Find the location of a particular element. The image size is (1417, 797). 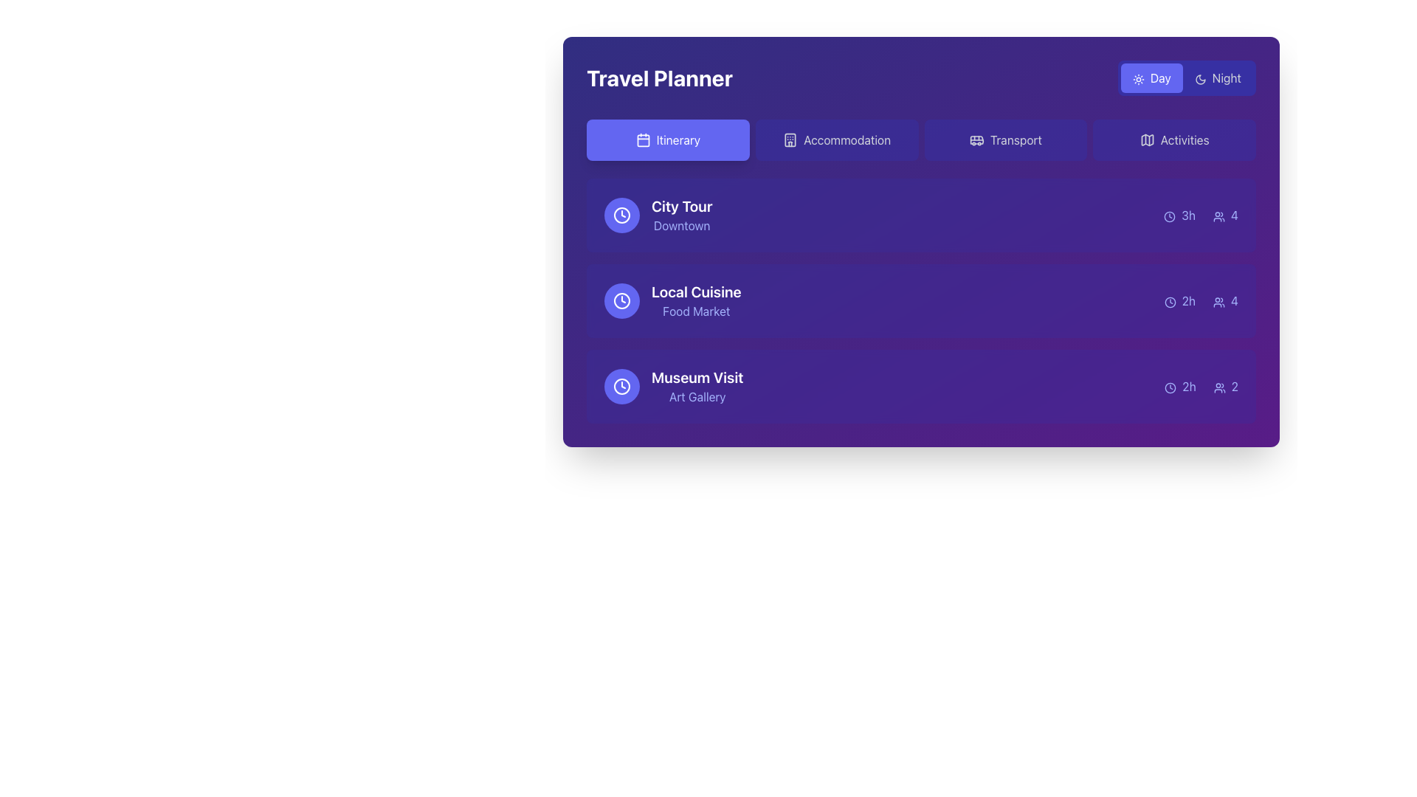

the 'City Tour' clickable card, which is the first card in a vertical arrangement of activity options is located at coordinates (920, 215).